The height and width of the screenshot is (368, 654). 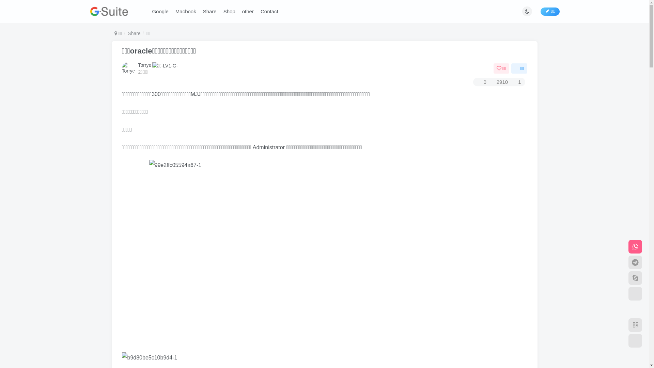 I want to click on 'LV1', so click(x=167, y=65).